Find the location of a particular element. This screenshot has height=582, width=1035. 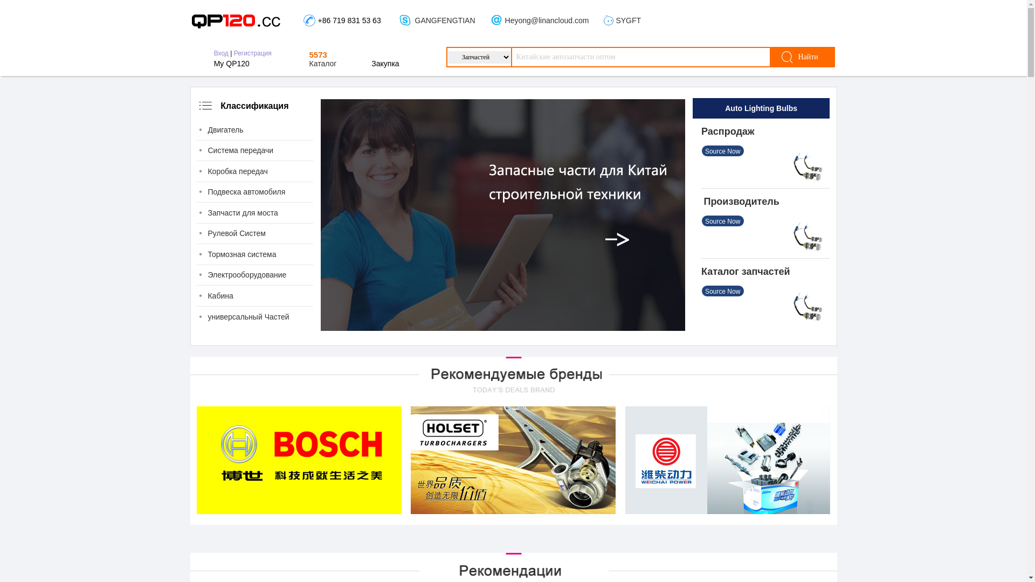

'SYGFT' is located at coordinates (628, 20).